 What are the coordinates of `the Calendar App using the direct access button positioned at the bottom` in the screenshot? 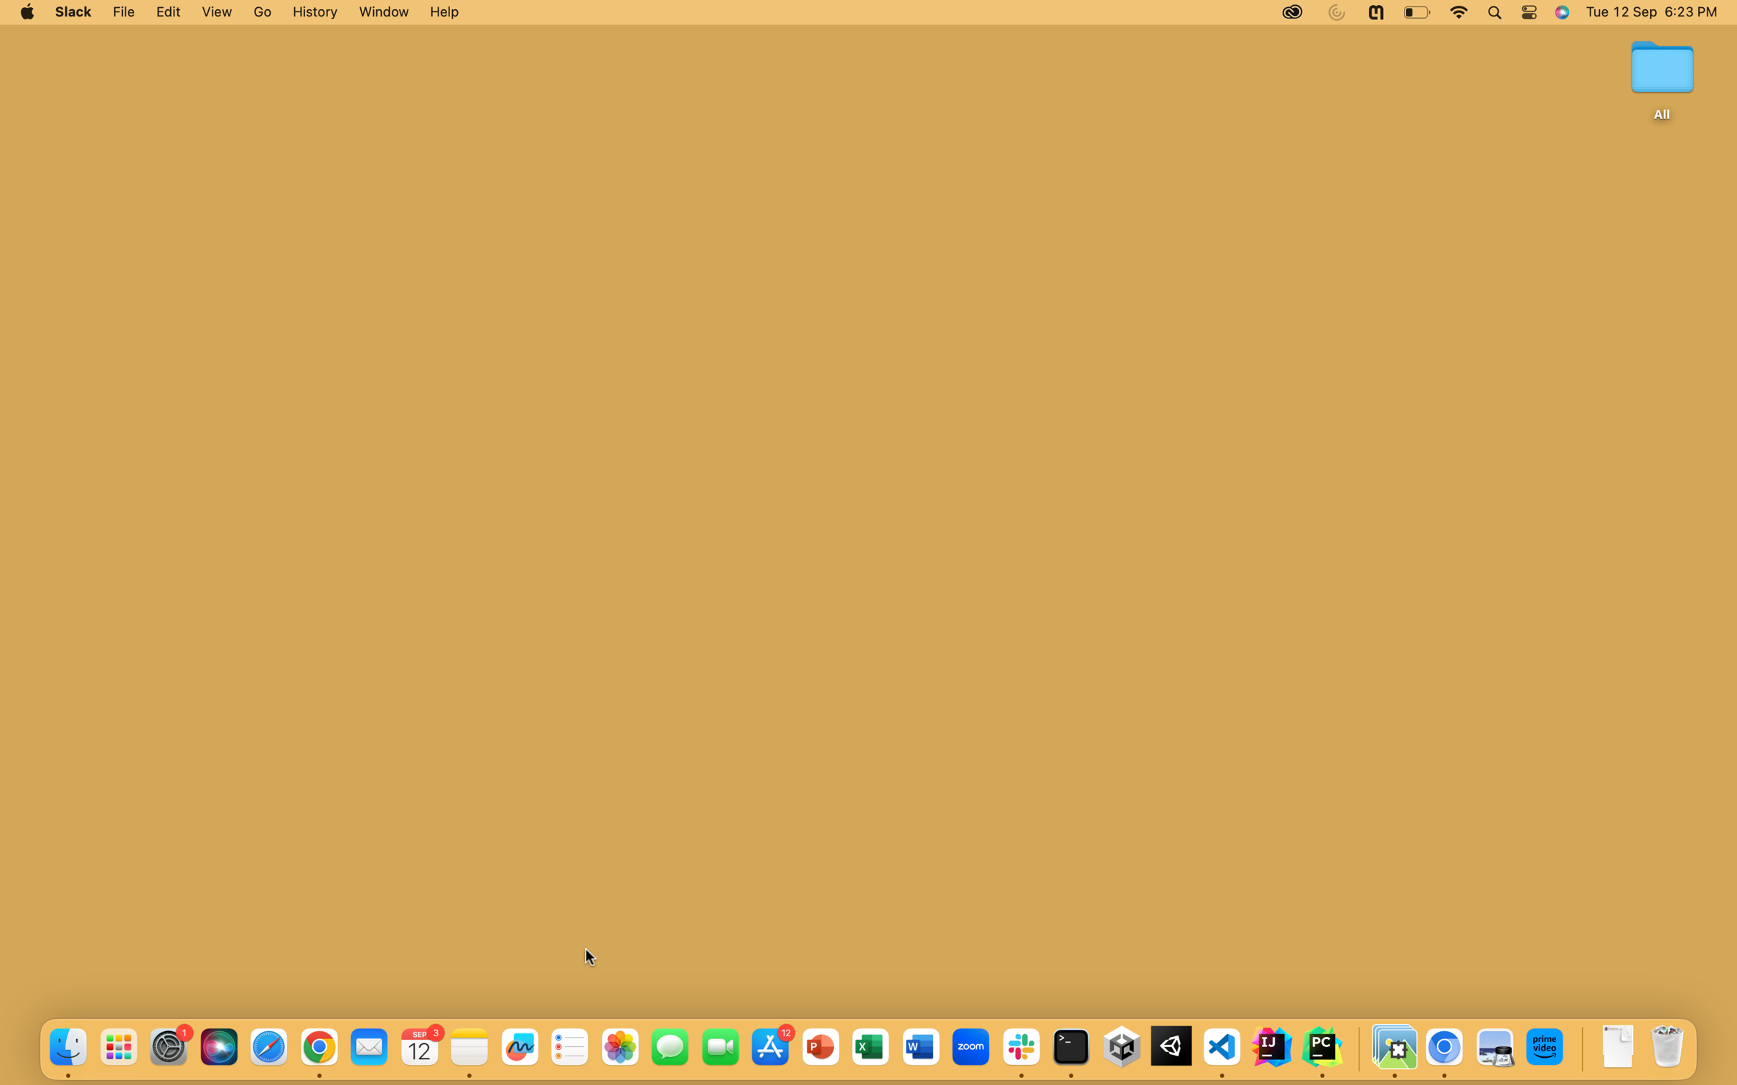 It's located at (421, 1047).